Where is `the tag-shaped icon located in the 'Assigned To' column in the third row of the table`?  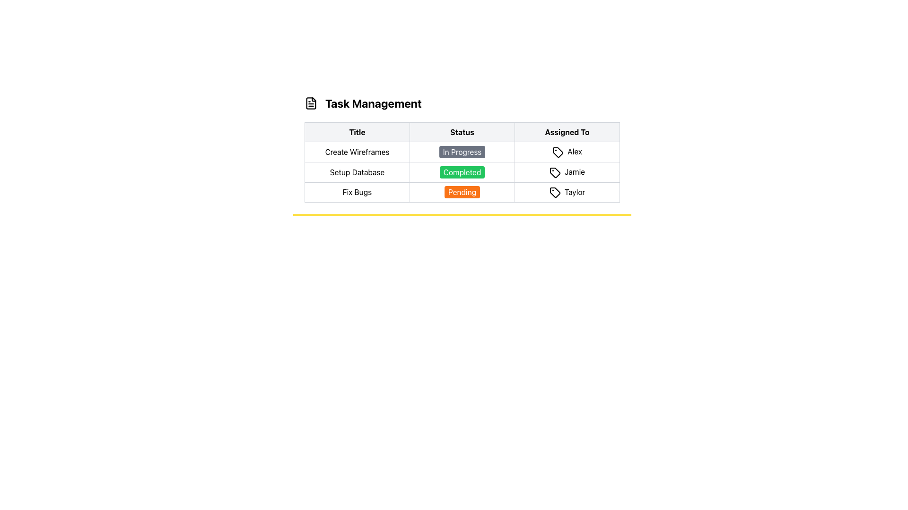
the tag-shaped icon located in the 'Assigned To' column in the third row of the table is located at coordinates (555, 172).